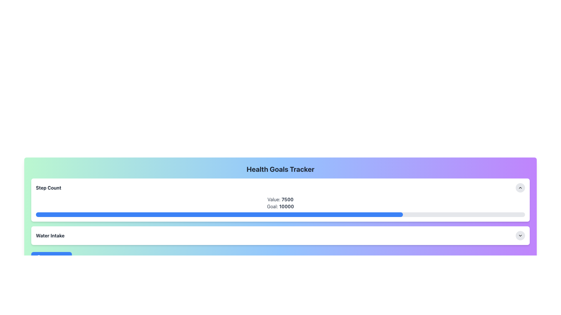  Describe the element at coordinates (520, 235) in the screenshot. I see `the button located in the top-right corner of the 'Water Intake' section` at that location.